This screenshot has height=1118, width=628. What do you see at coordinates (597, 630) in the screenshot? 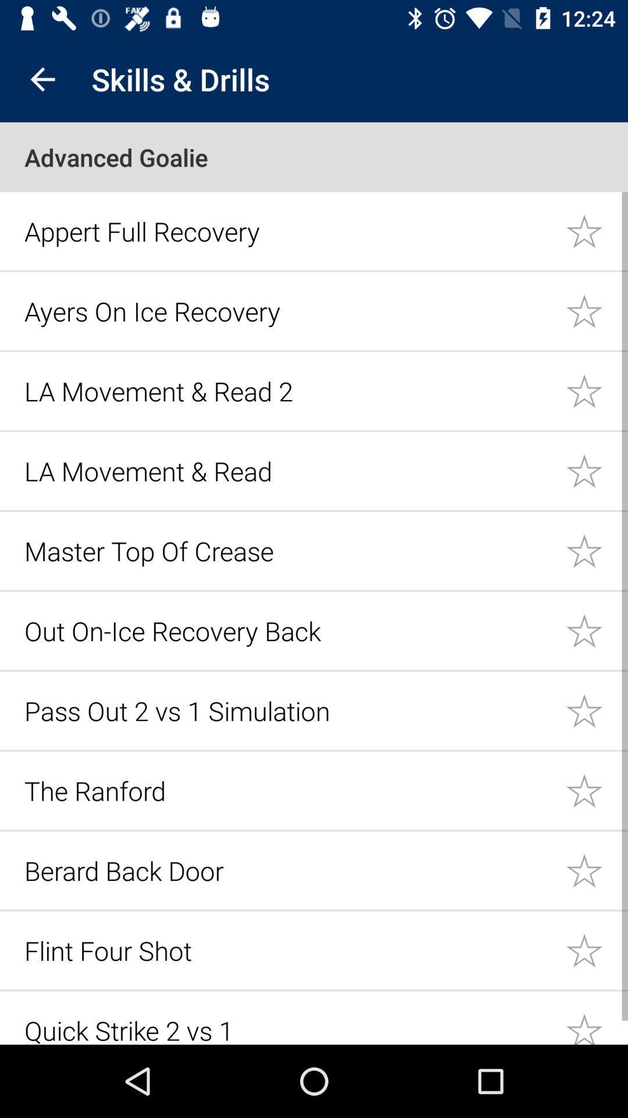
I see `put this option in starred list` at bounding box center [597, 630].